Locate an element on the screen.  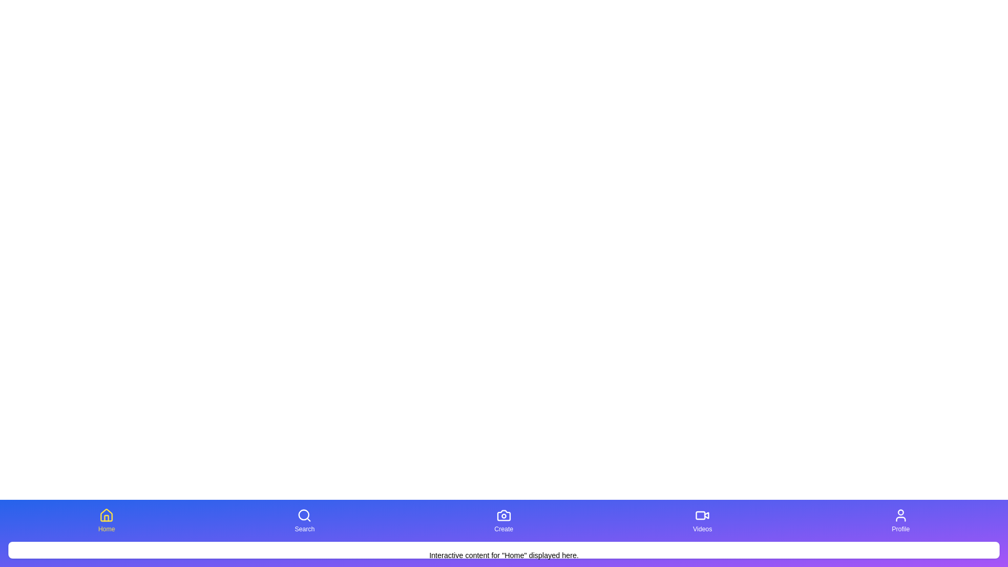
the button corresponding to Home is located at coordinates (106, 520).